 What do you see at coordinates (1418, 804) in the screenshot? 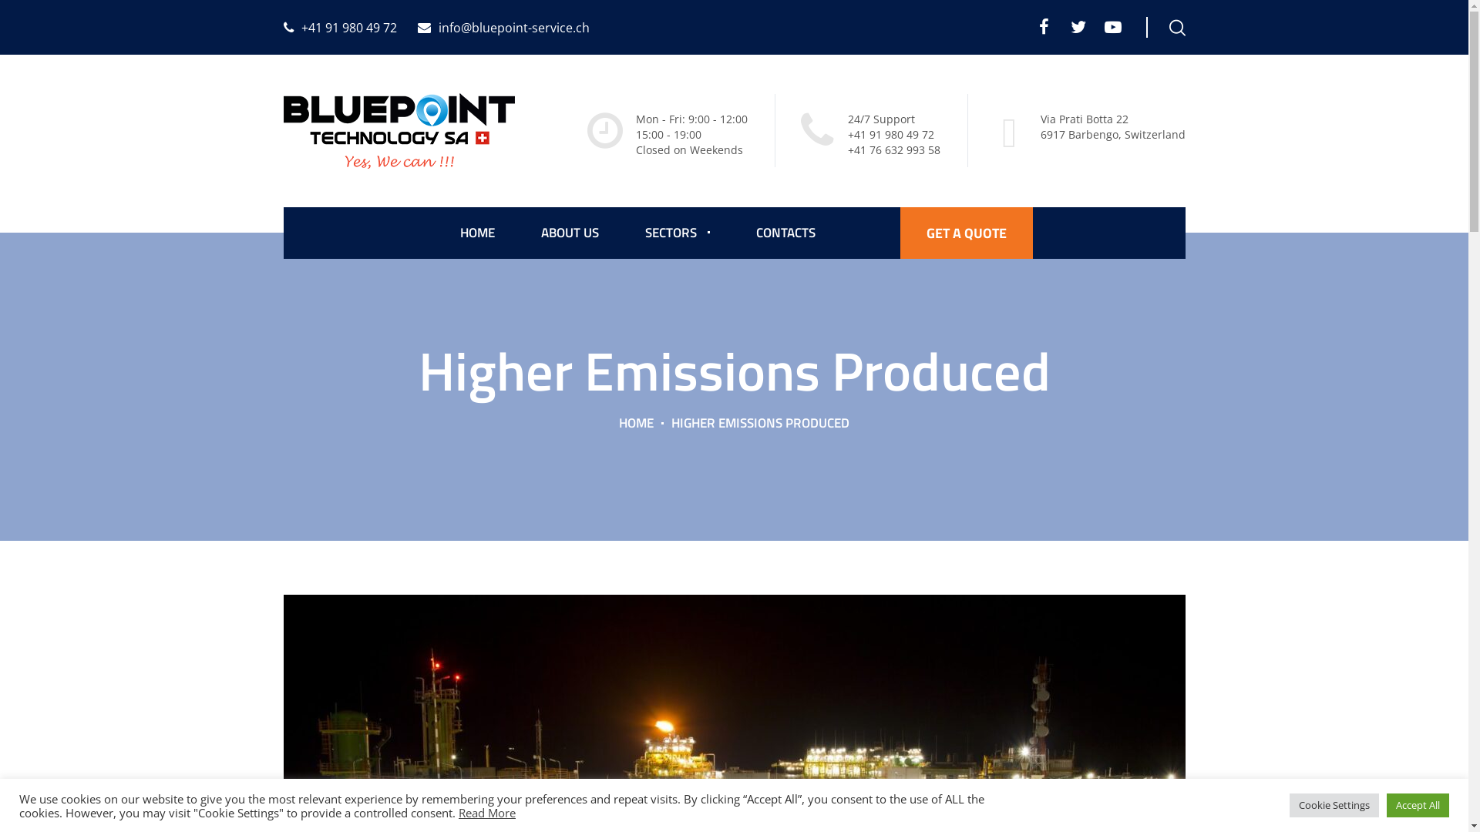
I see `'Accept All'` at bounding box center [1418, 804].